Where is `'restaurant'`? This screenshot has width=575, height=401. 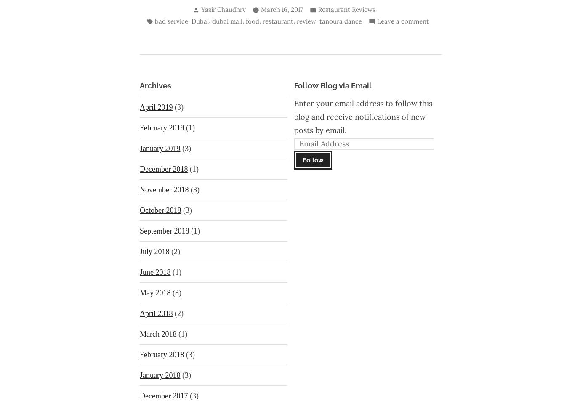
'restaurant' is located at coordinates (277, 20).